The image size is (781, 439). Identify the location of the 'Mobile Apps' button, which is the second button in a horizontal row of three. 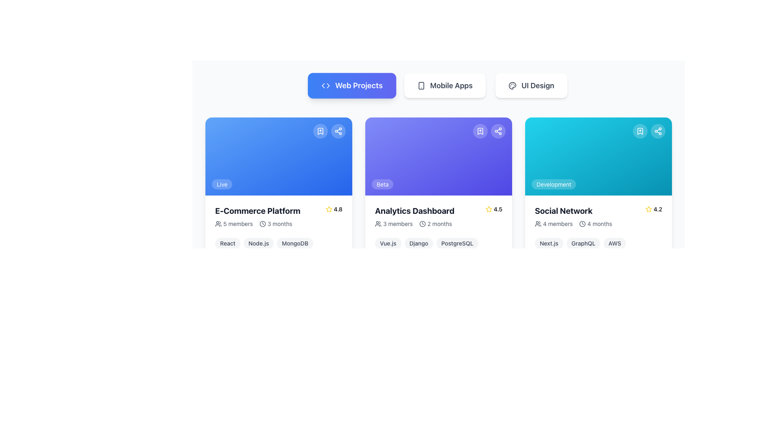
(444, 86).